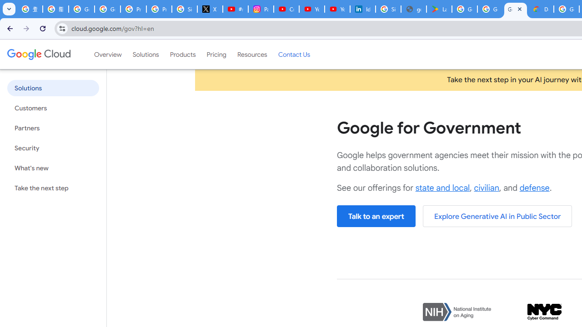 This screenshot has height=327, width=582. I want to click on 'Security', so click(52, 148).